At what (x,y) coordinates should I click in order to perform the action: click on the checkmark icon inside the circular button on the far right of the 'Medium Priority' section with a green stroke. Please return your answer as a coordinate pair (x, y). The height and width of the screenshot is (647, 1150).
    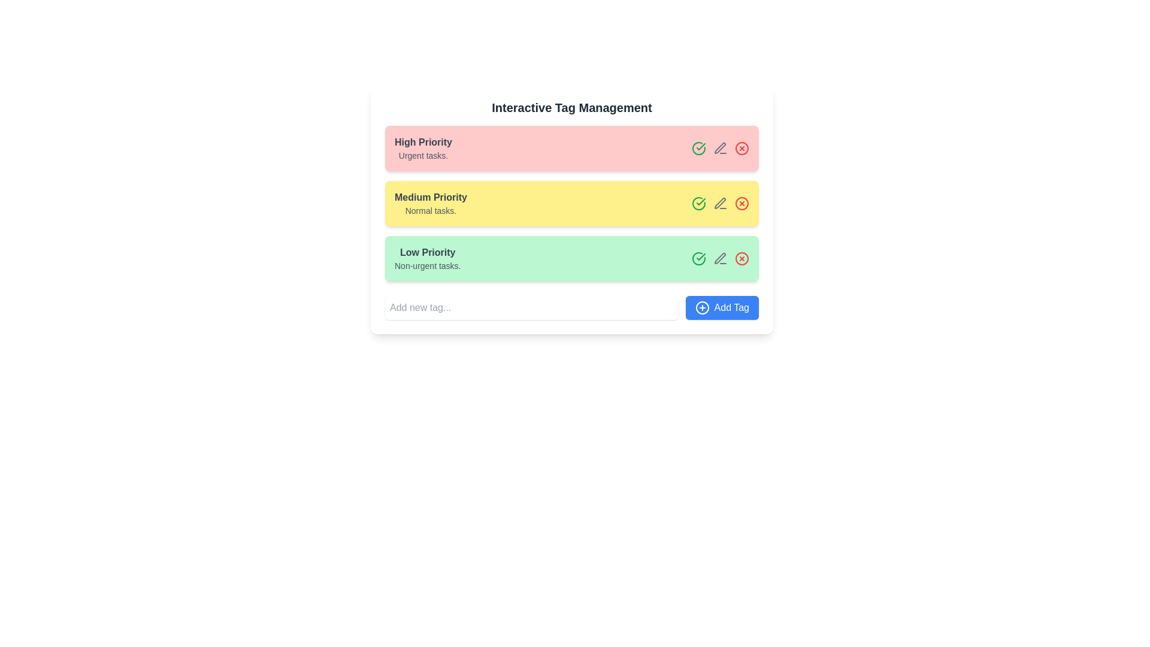
    Looking at the image, I should click on (698, 147).